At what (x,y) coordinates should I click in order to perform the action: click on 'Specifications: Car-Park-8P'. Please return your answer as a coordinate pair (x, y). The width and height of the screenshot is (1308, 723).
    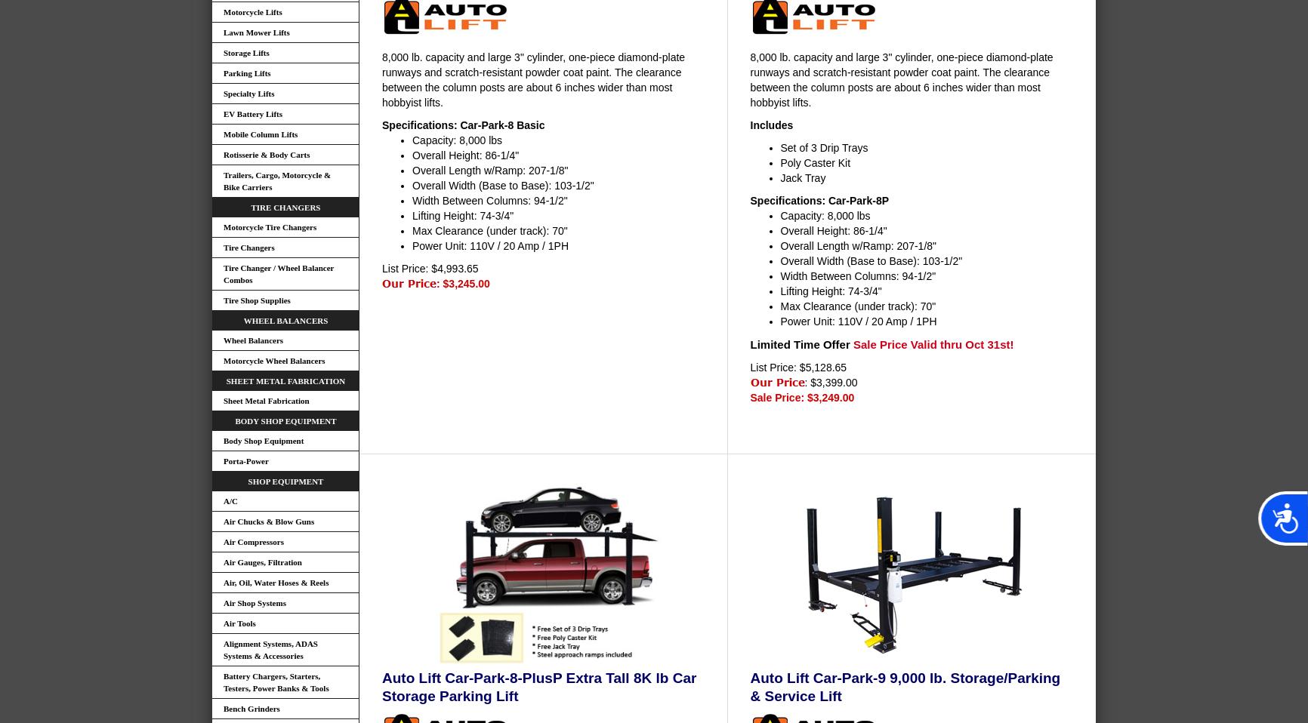
    Looking at the image, I should click on (818, 199).